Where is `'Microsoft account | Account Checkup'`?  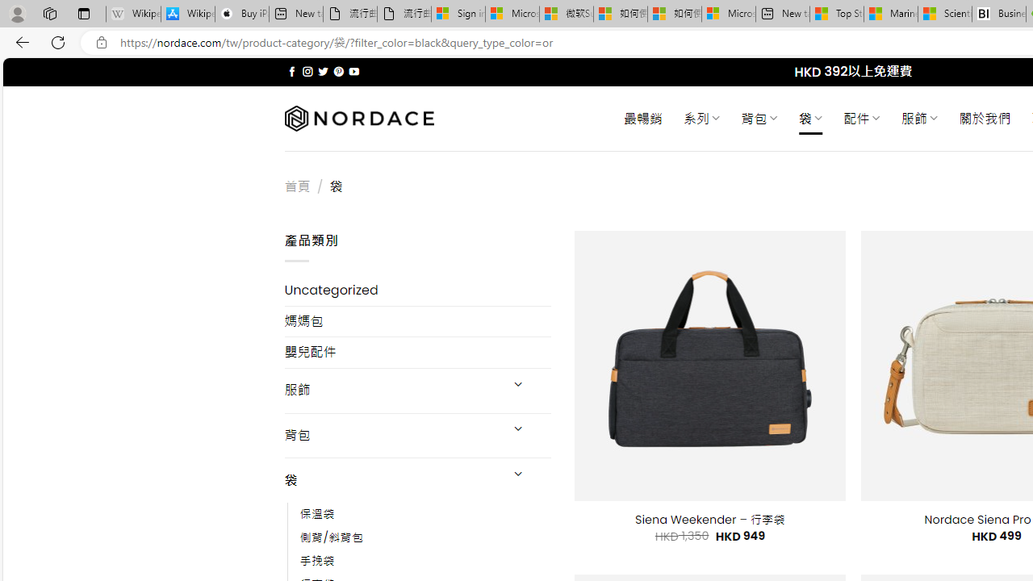
'Microsoft account | Account Checkup' is located at coordinates (728, 14).